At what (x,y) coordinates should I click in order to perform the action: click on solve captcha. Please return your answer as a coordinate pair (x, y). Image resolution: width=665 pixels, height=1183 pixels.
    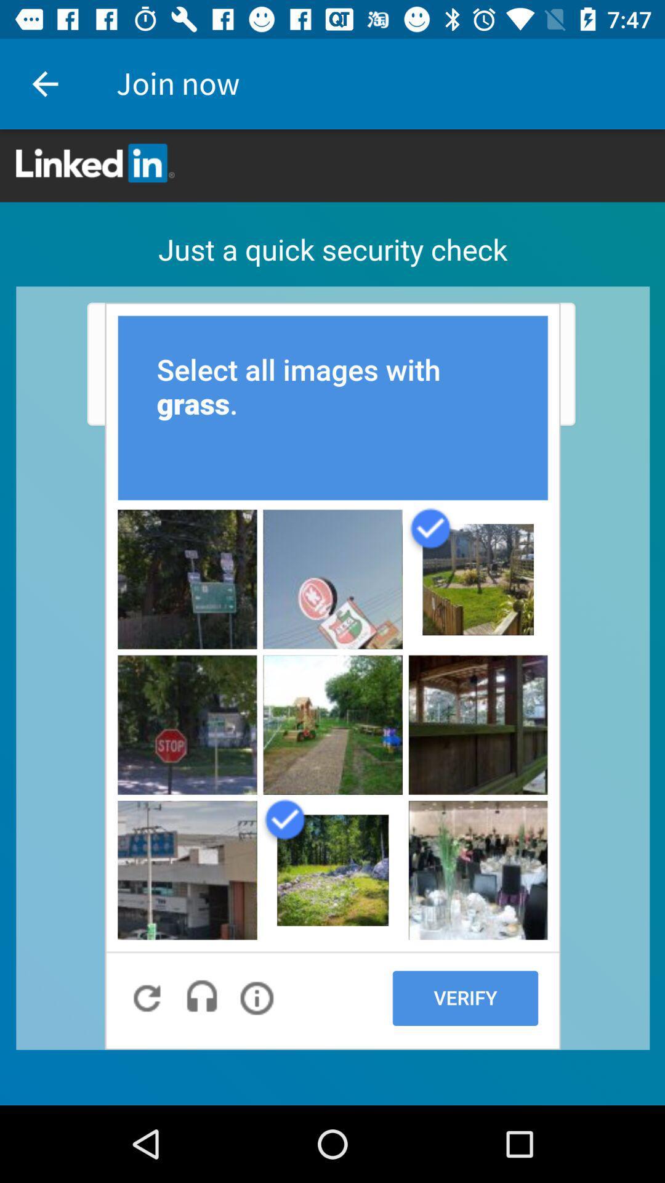
    Looking at the image, I should click on (332, 617).